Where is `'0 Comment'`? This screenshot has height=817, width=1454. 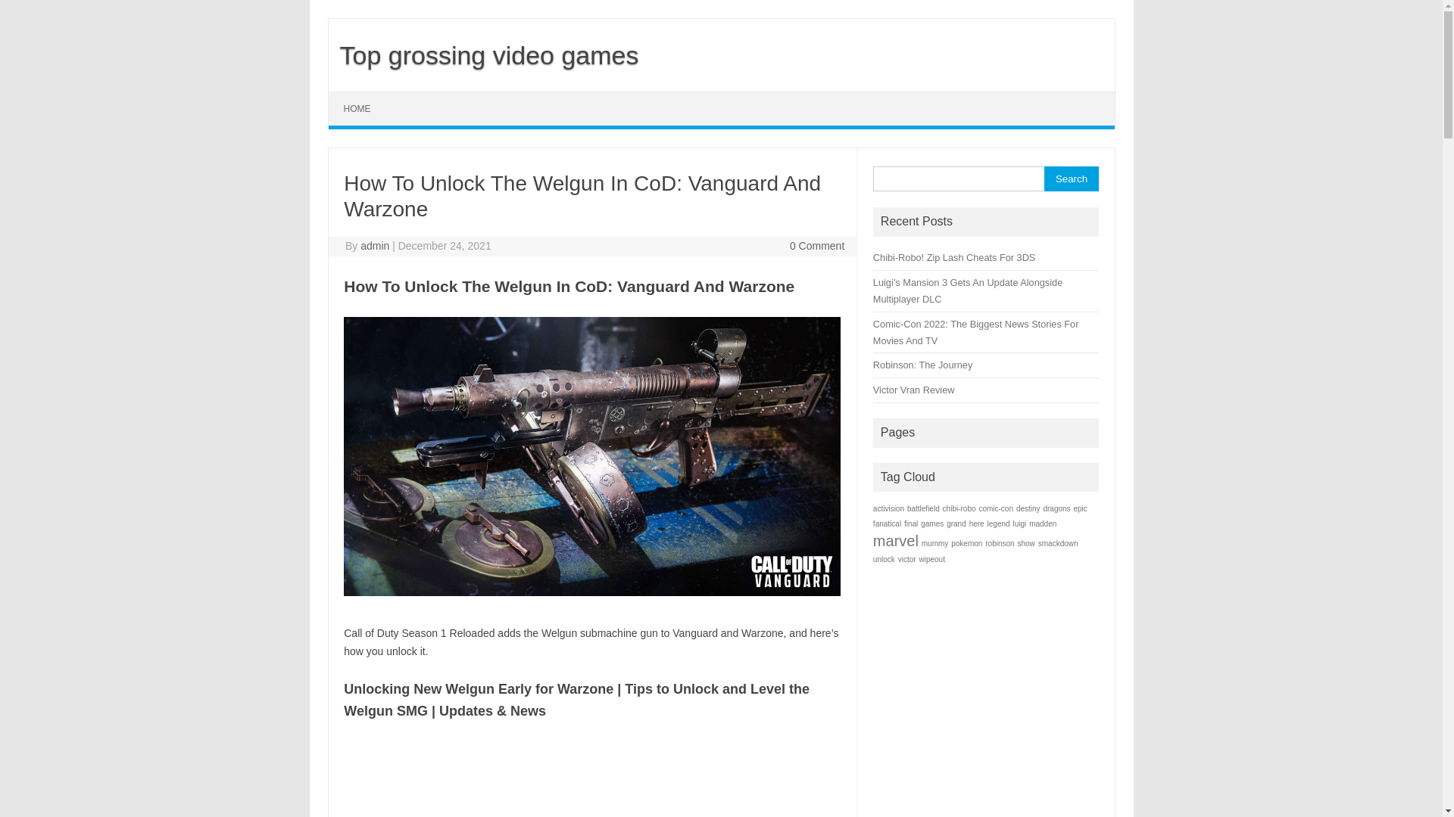
'0 Comment' is located at coordinates (816, 244).